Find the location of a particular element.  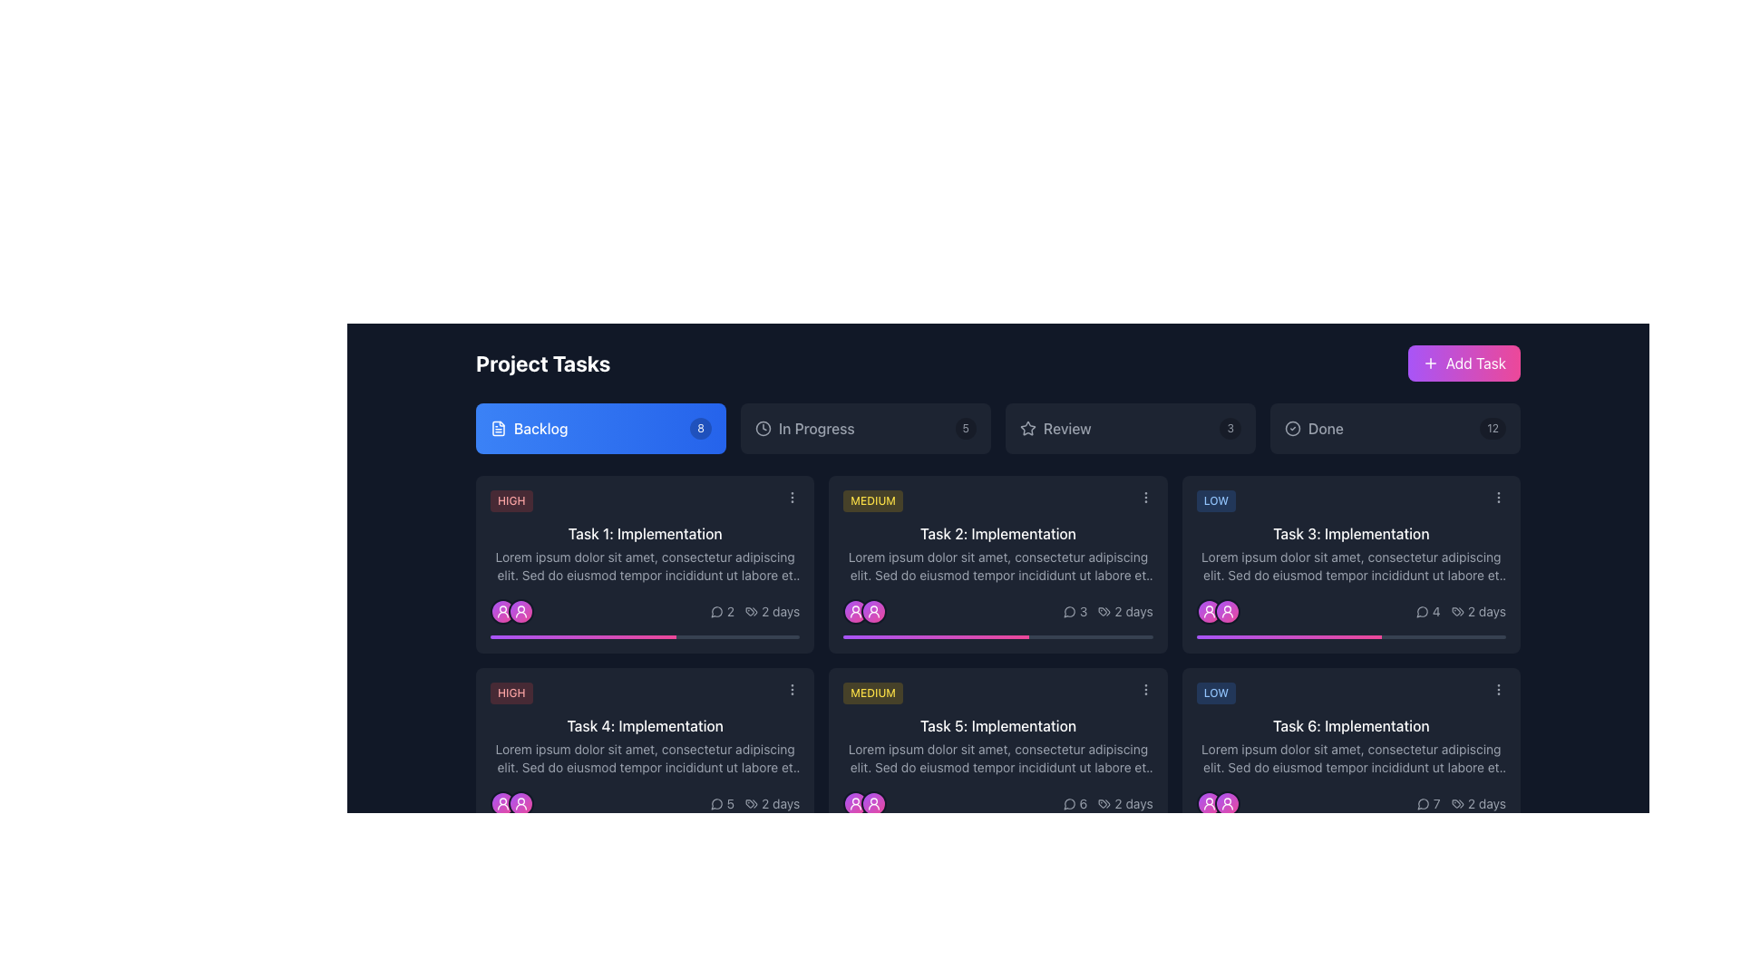

the comments or messages icon located in the 'Task 2: Implementation' card under the 'In Progress' section, which is positioned next to the numeric label '3' is located at coordinates (1069, 612).